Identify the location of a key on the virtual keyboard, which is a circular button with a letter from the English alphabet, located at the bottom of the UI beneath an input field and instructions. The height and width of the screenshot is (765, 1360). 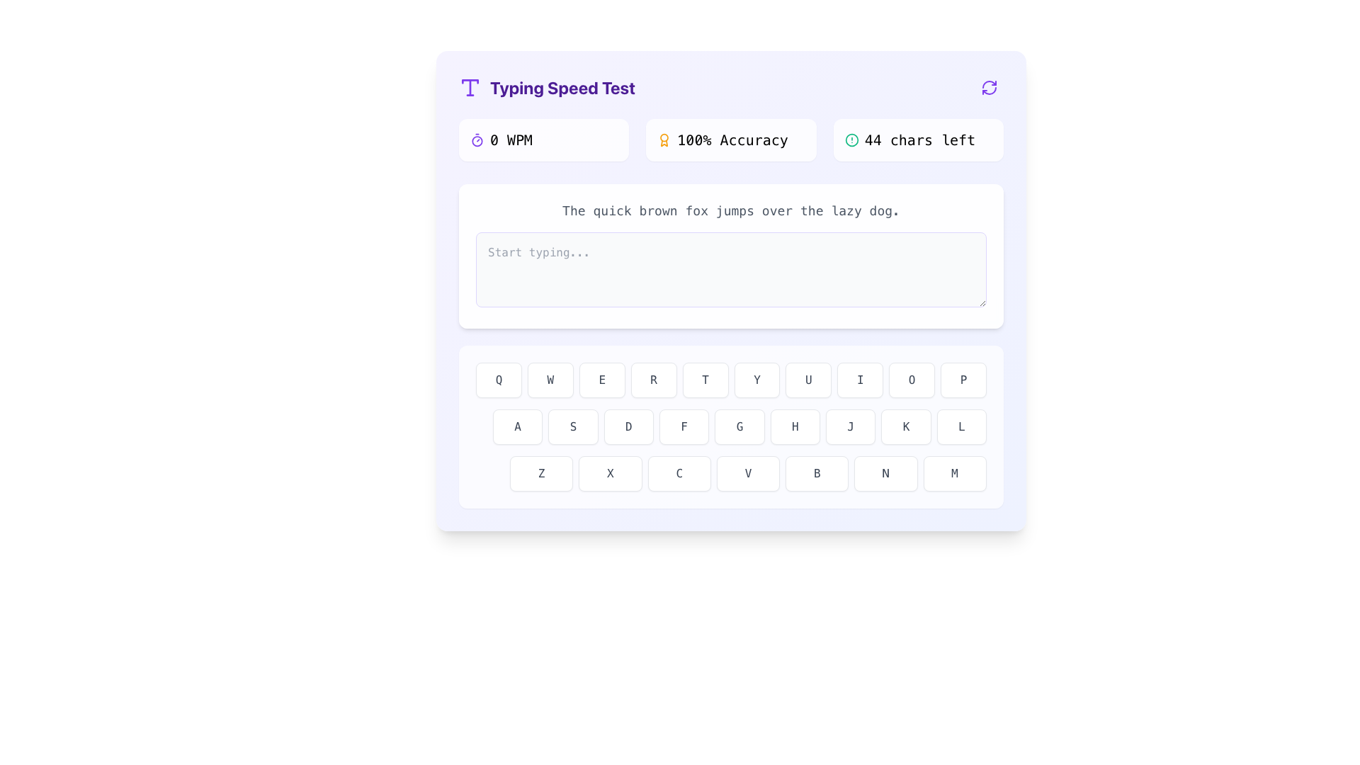
(731, 426).